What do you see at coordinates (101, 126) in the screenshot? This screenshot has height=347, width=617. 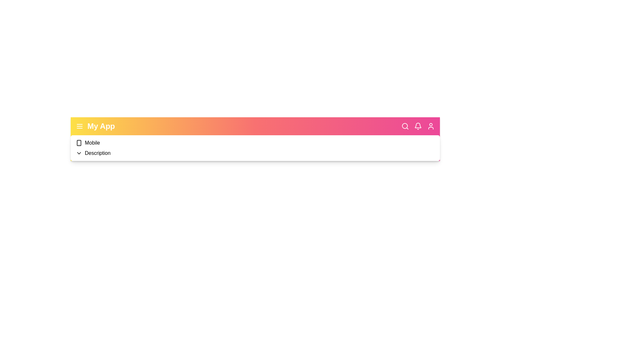 I see `the header text 'My App' to select it` at bounding box center [101, 126].